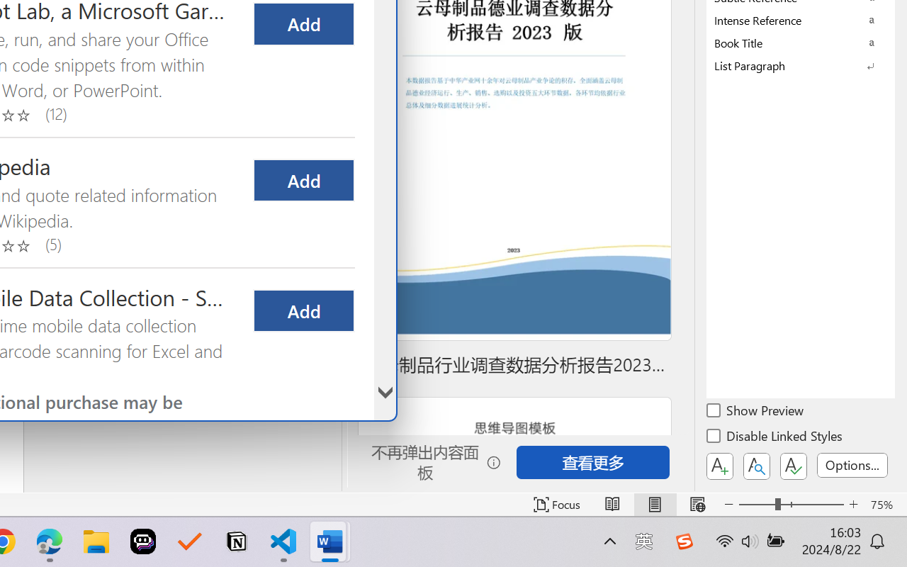 The image size is (907, 567). Describe the element at coordinates (237, 541) in the screenshot. I see `'Notion'` at that location.